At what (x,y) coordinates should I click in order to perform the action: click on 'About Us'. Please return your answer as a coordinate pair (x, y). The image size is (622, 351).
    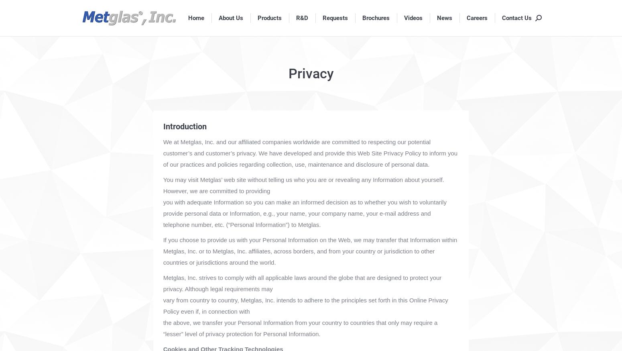
    Looking at the image, I should click on (231, 17).